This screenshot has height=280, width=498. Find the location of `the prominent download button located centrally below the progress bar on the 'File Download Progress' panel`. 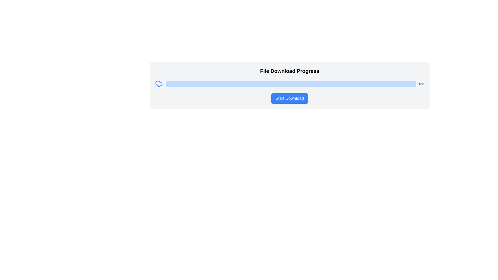

the prominent download button located centrally below the progress bar on the 'File Download Progress' panel is located at coordinates (289, 99).